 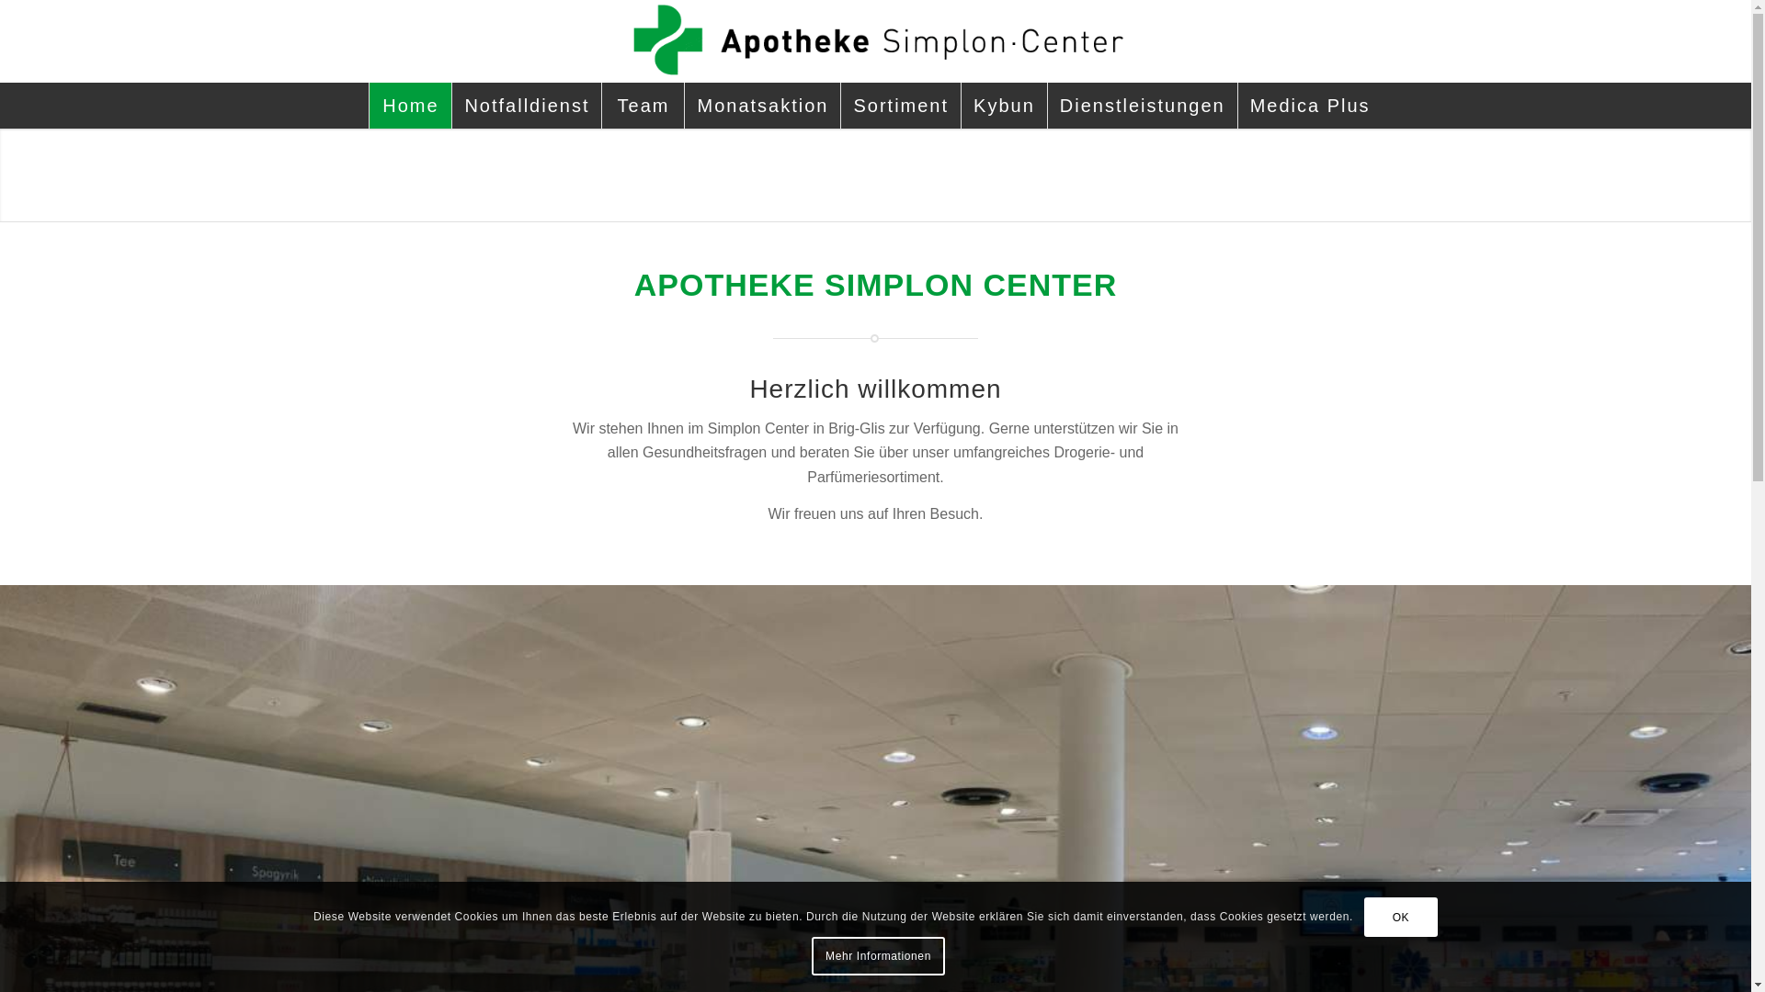 What do you see at coordinates (811, 955) in the screenshot?
I see `'Mehr Informationen'` at bounding box center [811, 955].